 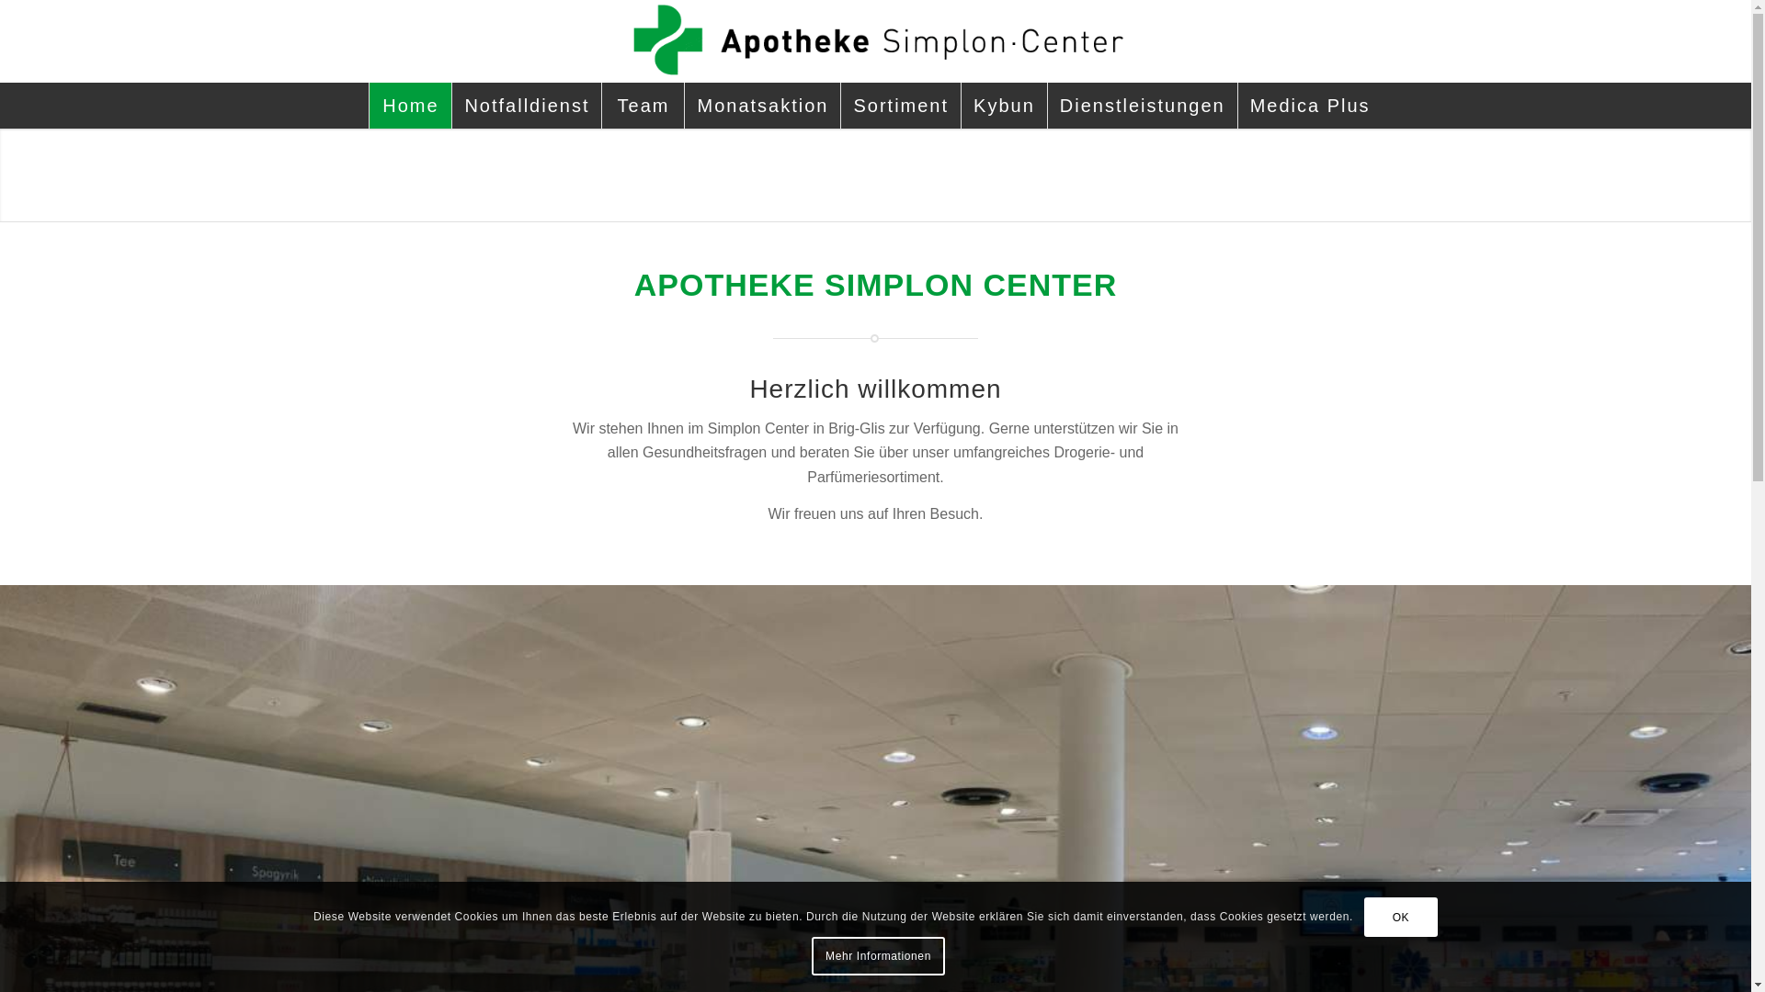 What do you see at coordinates (811, 955) in the screenshot?
I see `'Mehr Informationen'` at bounding box center [811, 955].